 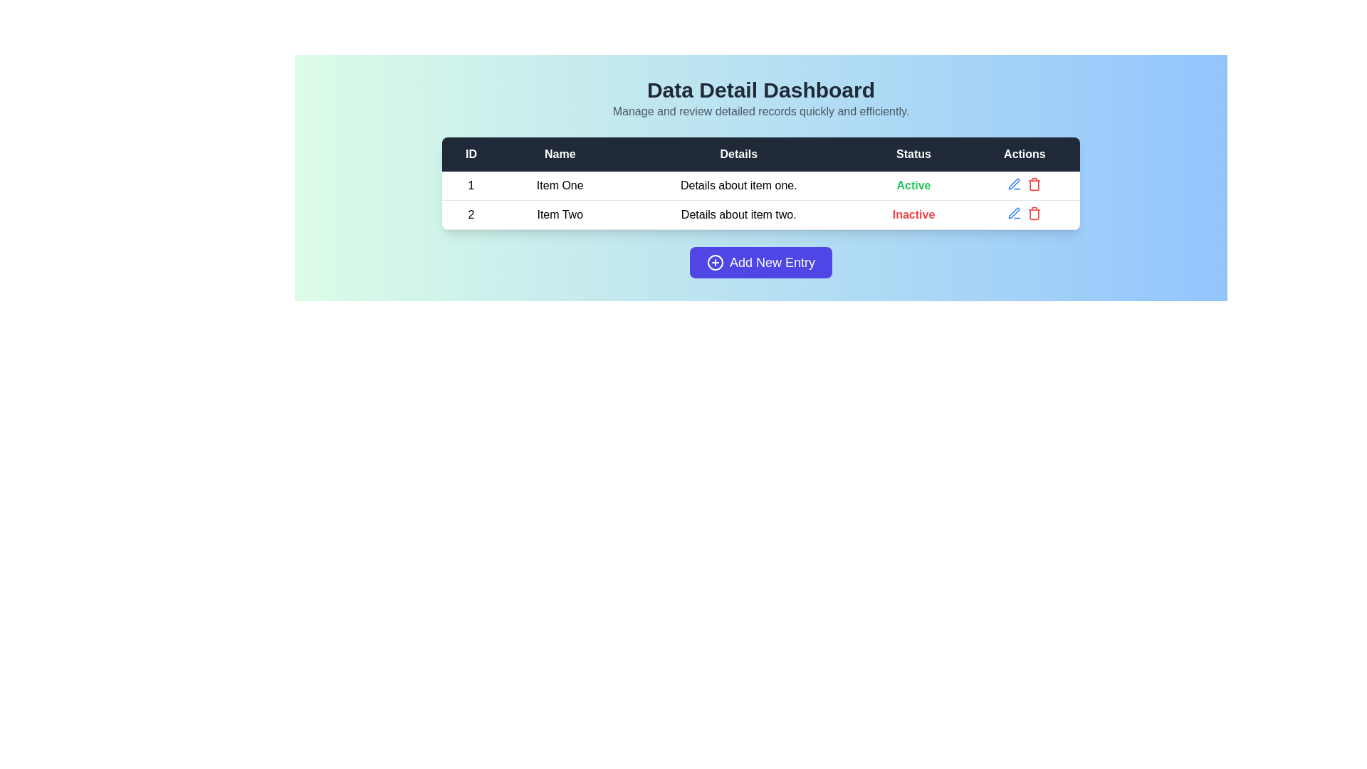 I want to click on the 'Inactive' status text label for 'Item Two' located in the second row of the 'Status' column in the table, so click(x=913, y=214).